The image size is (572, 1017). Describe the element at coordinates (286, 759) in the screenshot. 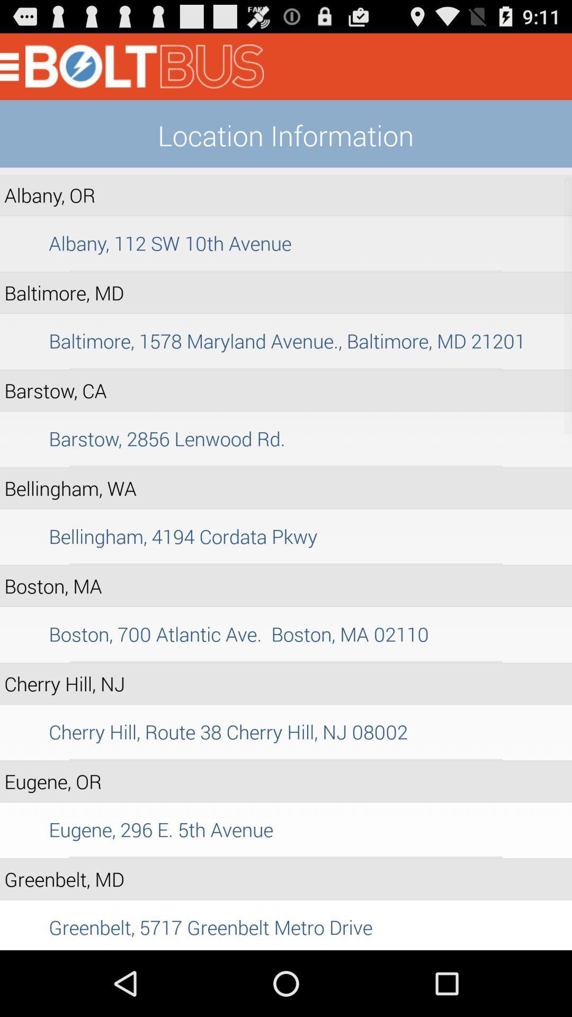

I see `app above eugene, or` at that location.